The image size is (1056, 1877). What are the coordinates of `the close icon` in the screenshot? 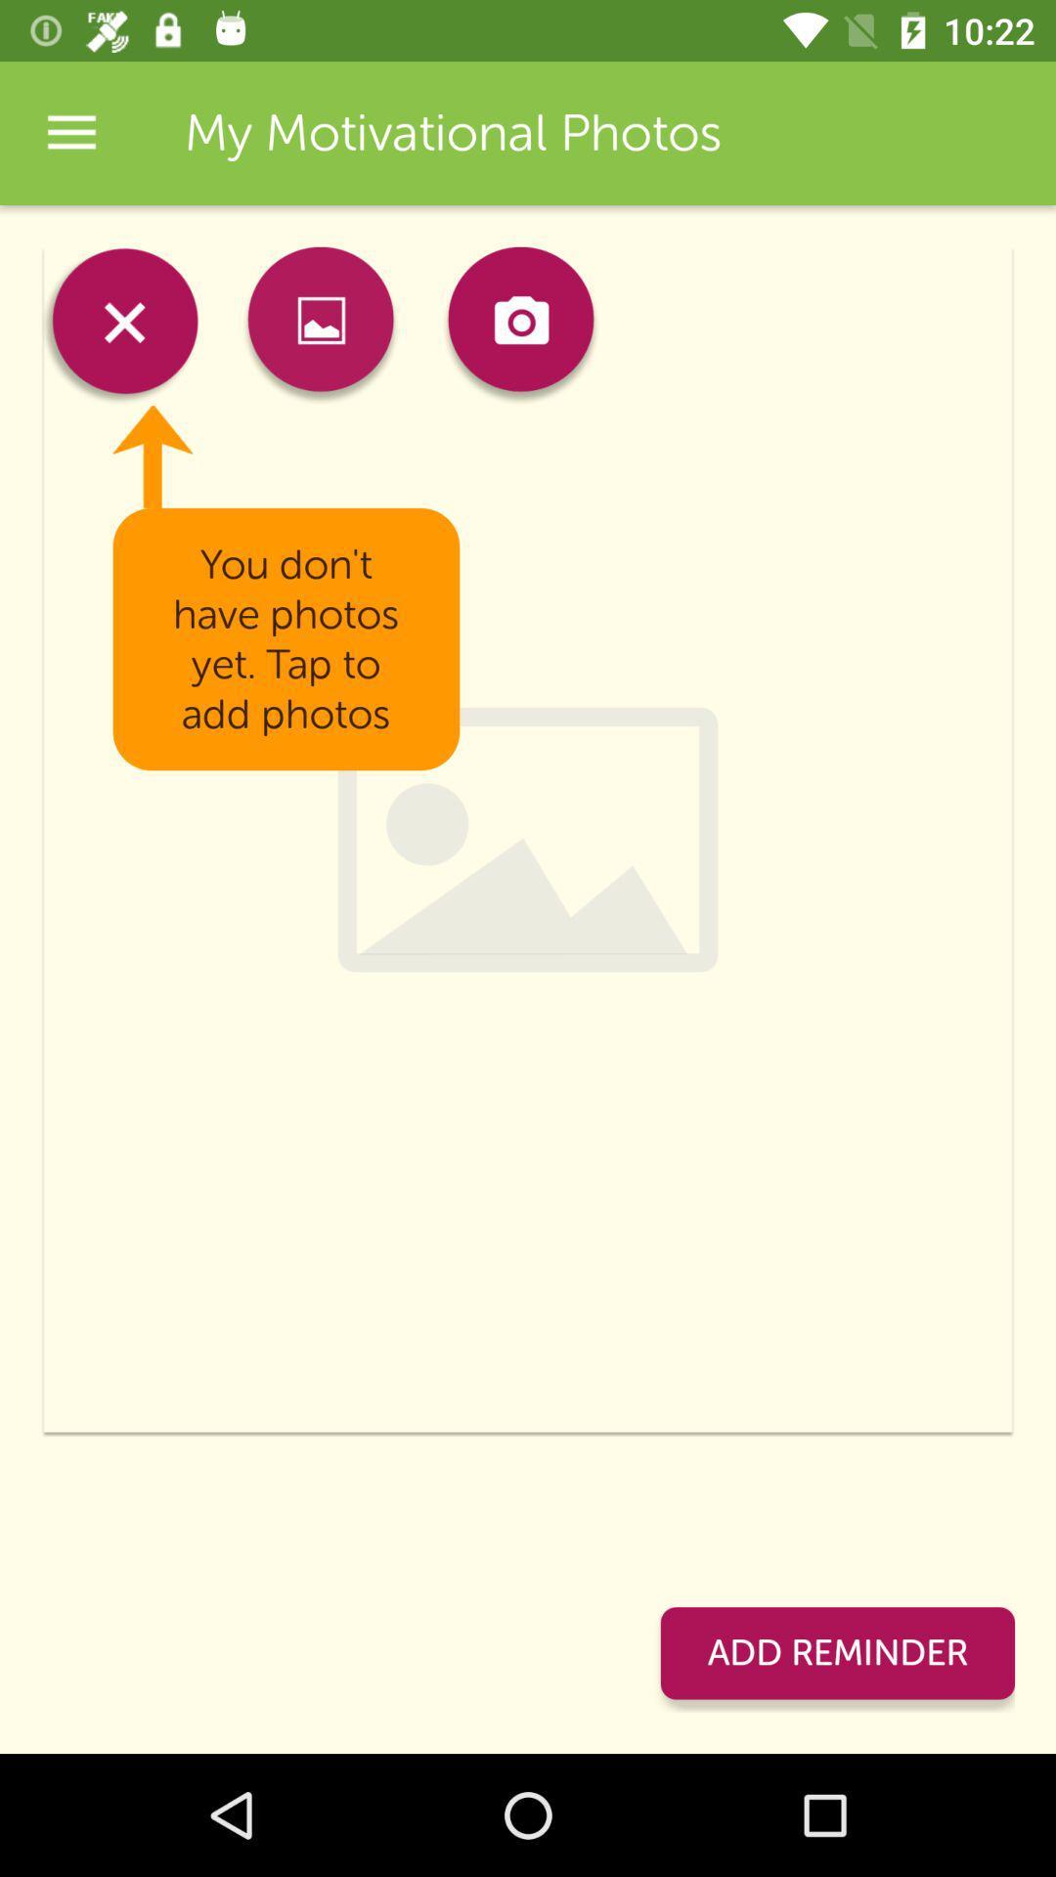 It's located at (120, 326).